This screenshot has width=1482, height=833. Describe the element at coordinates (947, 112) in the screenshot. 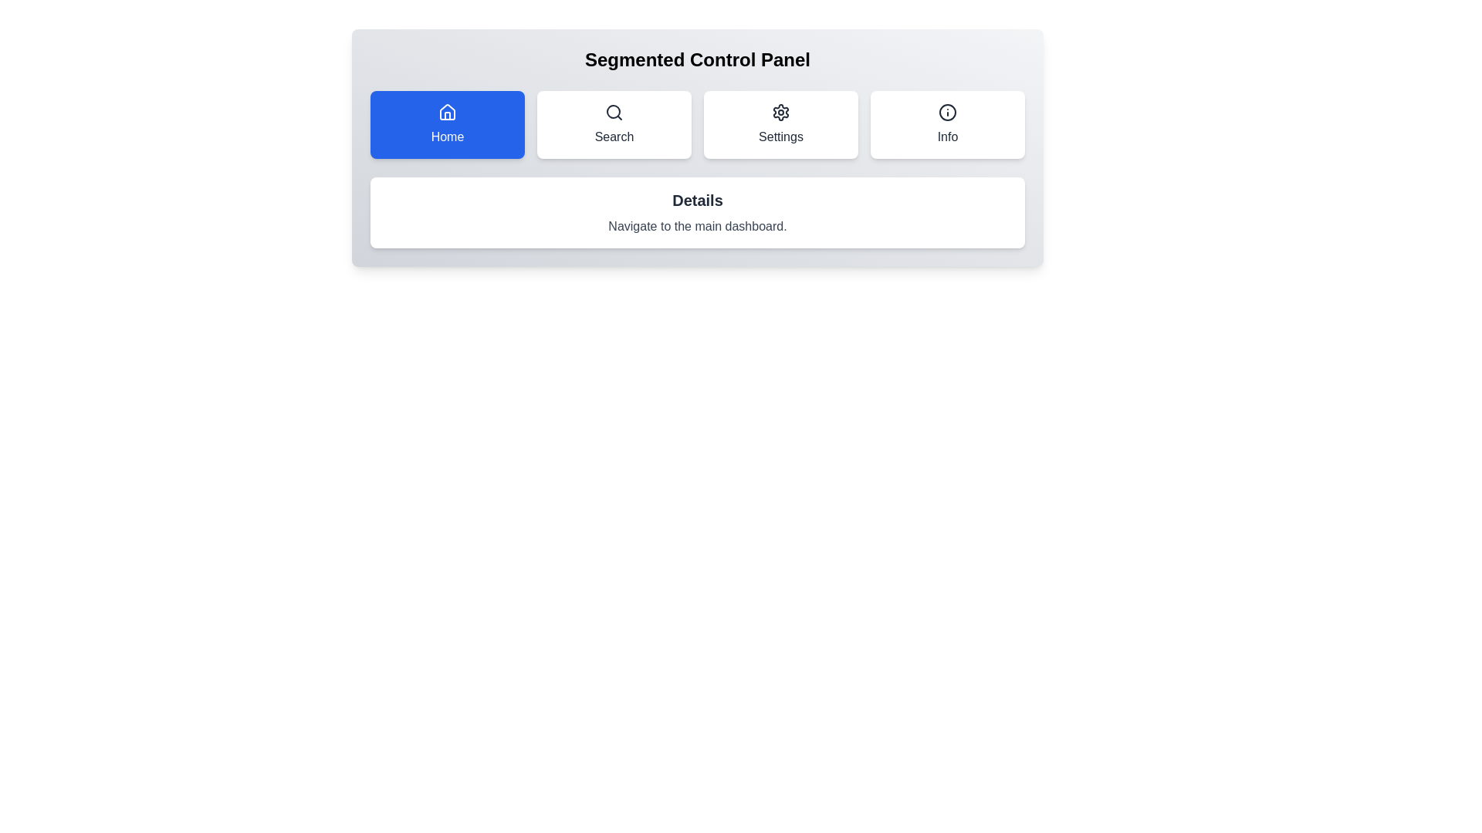

I see `the informational icon located within the 'Info' button in the segmented control panel, positioned to the far right among the button group` at that location.